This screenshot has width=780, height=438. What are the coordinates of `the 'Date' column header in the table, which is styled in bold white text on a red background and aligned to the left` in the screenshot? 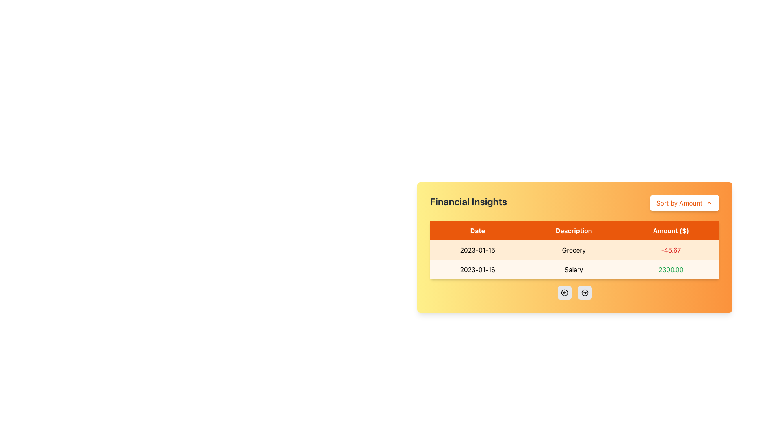 It's located at (477, 231).